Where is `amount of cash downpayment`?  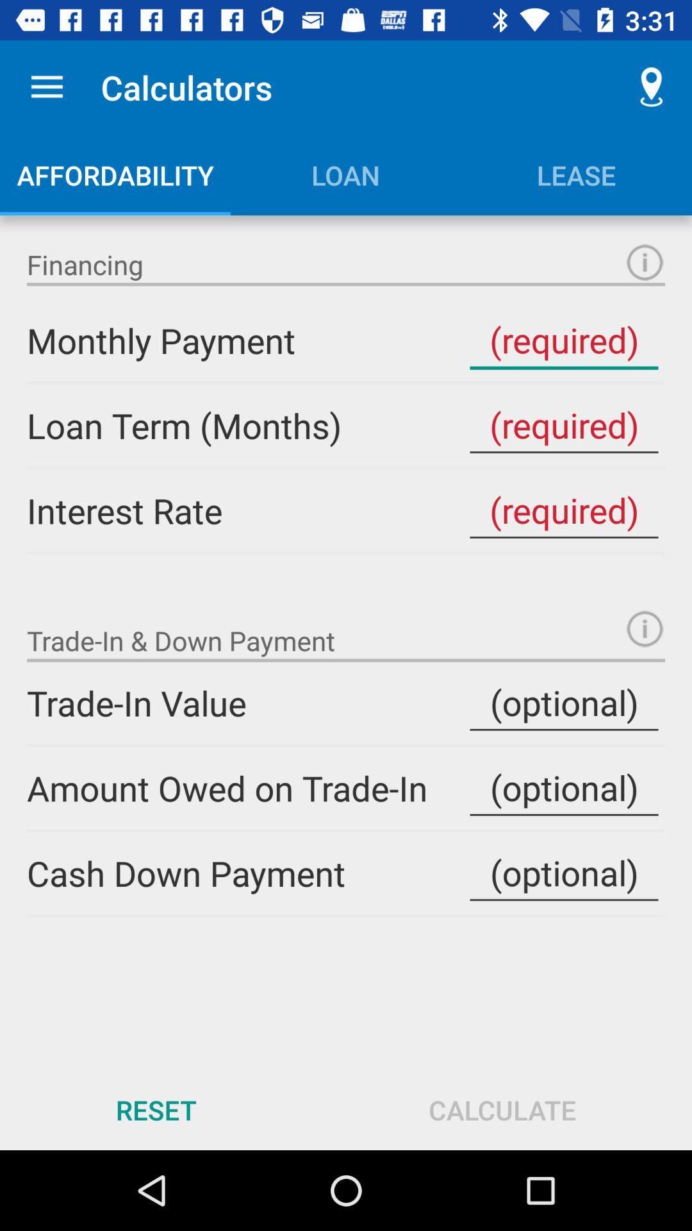
amount of cash downpayment is located at coordinates (563, 873).